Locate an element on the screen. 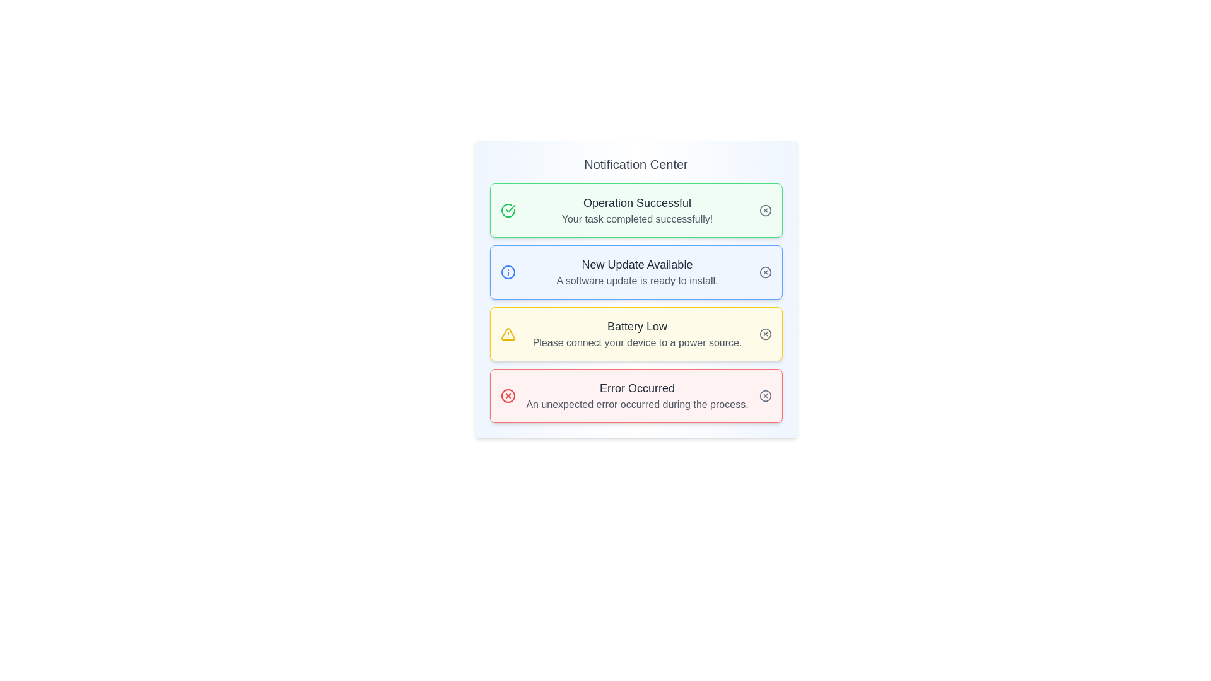  the text block displaying 'Error Occurred' with a red background at the bottom of the notification list is located at coordinates (637, 395).